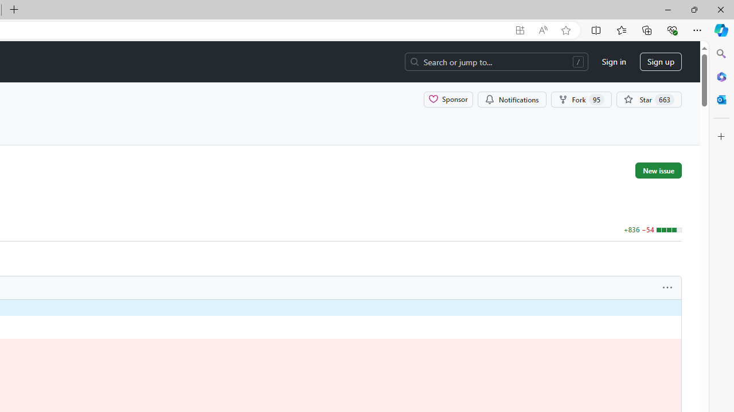  I want to click on 'New issue', so click(658, 170).